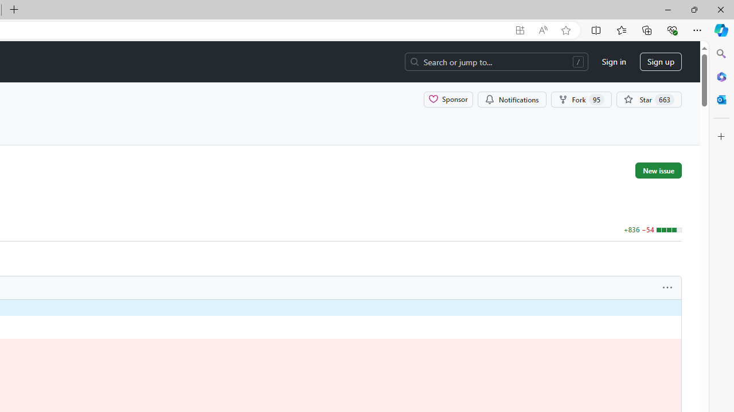  I want to click on 'New issue', so click(658, 170).